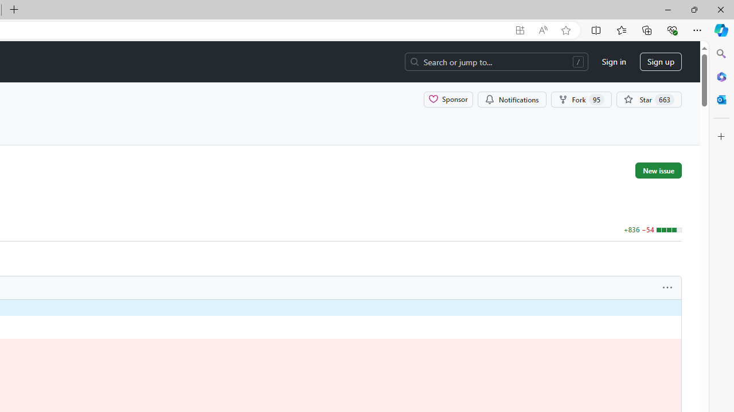  I want to click on 'New issue', so click(658, 170).